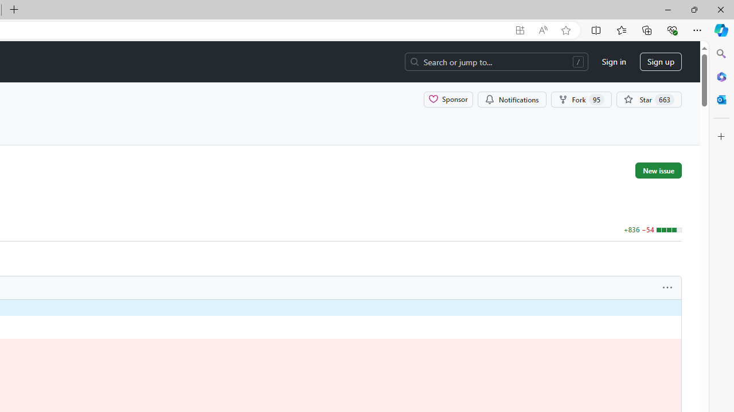  I want to click on 'New issue', so click(658, 170).